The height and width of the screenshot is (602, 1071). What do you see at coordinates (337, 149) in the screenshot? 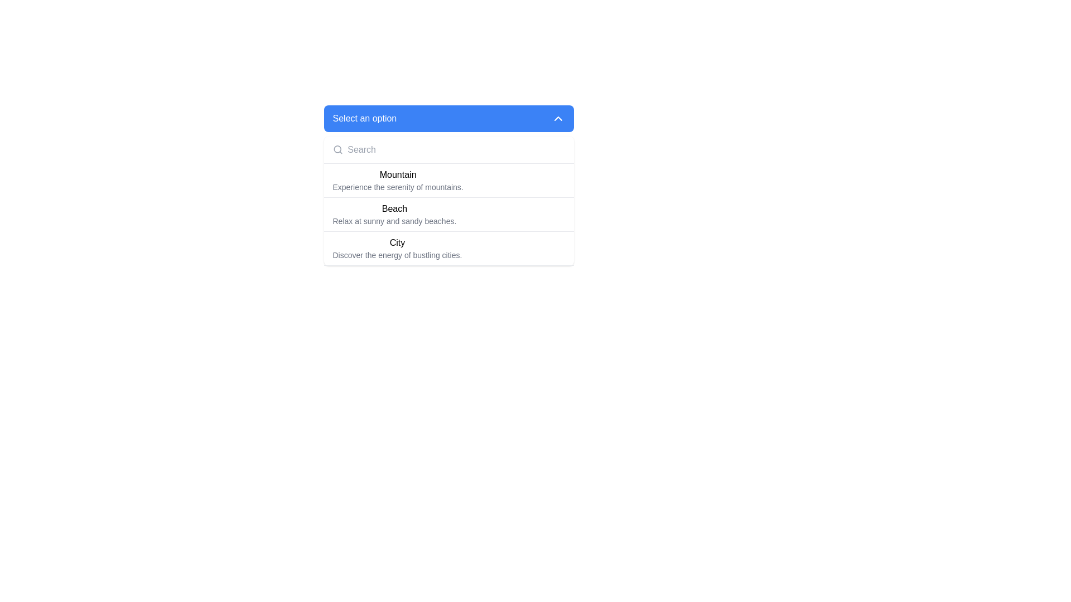
I see `the appearance of the circular gray magnifying glass icon located in the header section of the drop-down menu, positioned to the left of the search input field` at bounding box center [337, 149].